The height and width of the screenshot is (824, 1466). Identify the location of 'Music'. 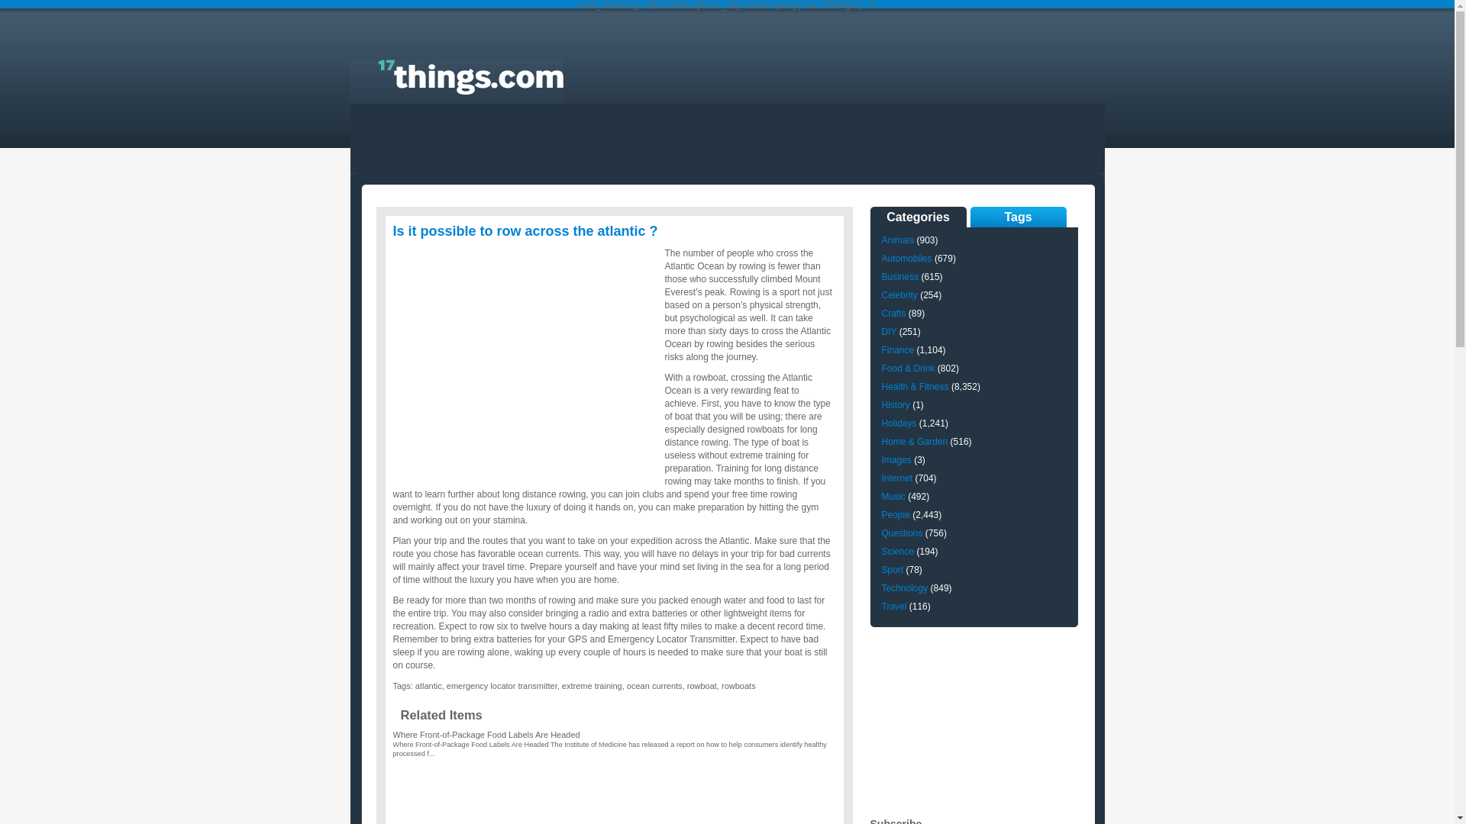
(893, 497).